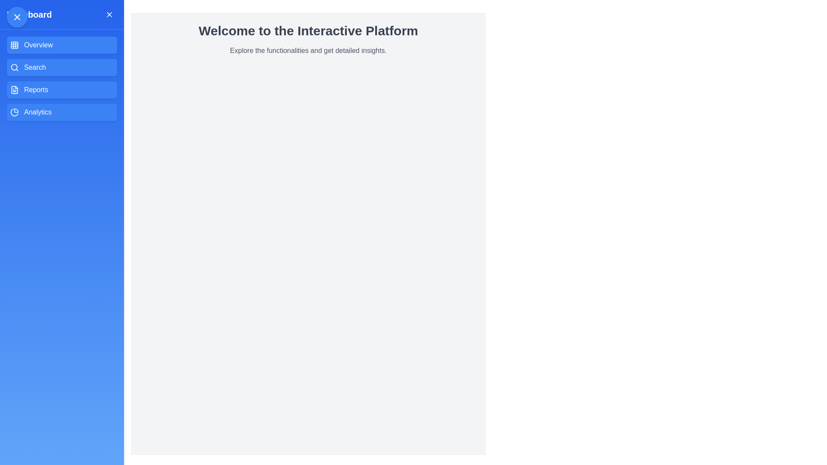  What do you see at coordinates (62, 67) in the screenshot?
I see `the menu option Search to navigate to the corresponding section` at bounding box center [62, 67].